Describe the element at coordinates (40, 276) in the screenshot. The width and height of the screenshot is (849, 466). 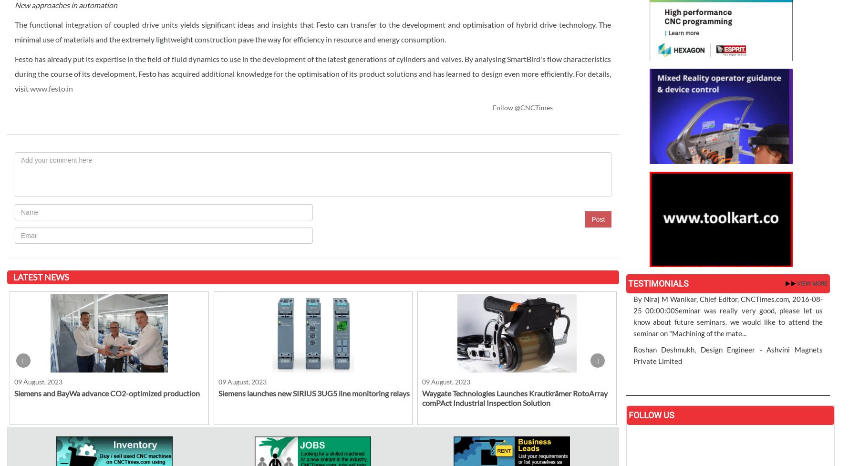
I see `'Latest News'` at that location.